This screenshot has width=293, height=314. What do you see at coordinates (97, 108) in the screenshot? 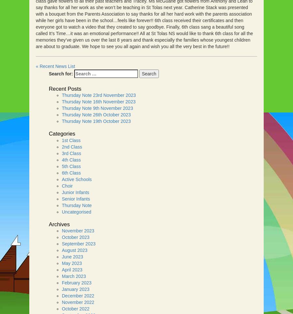
I see `'Thursday Note 9th November 2023'` at bounding box center [97, 108].